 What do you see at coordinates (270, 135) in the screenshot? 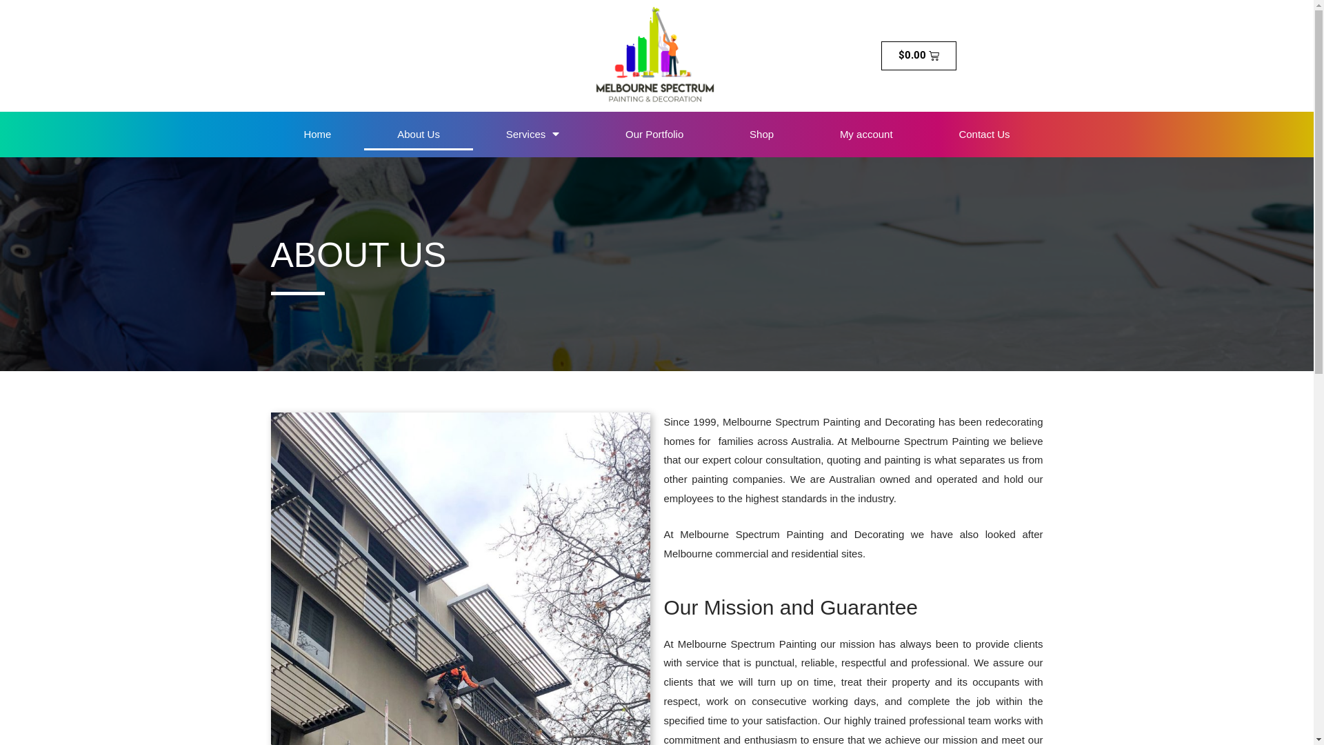
I see `'Home'` at bounding box center [270, 135].